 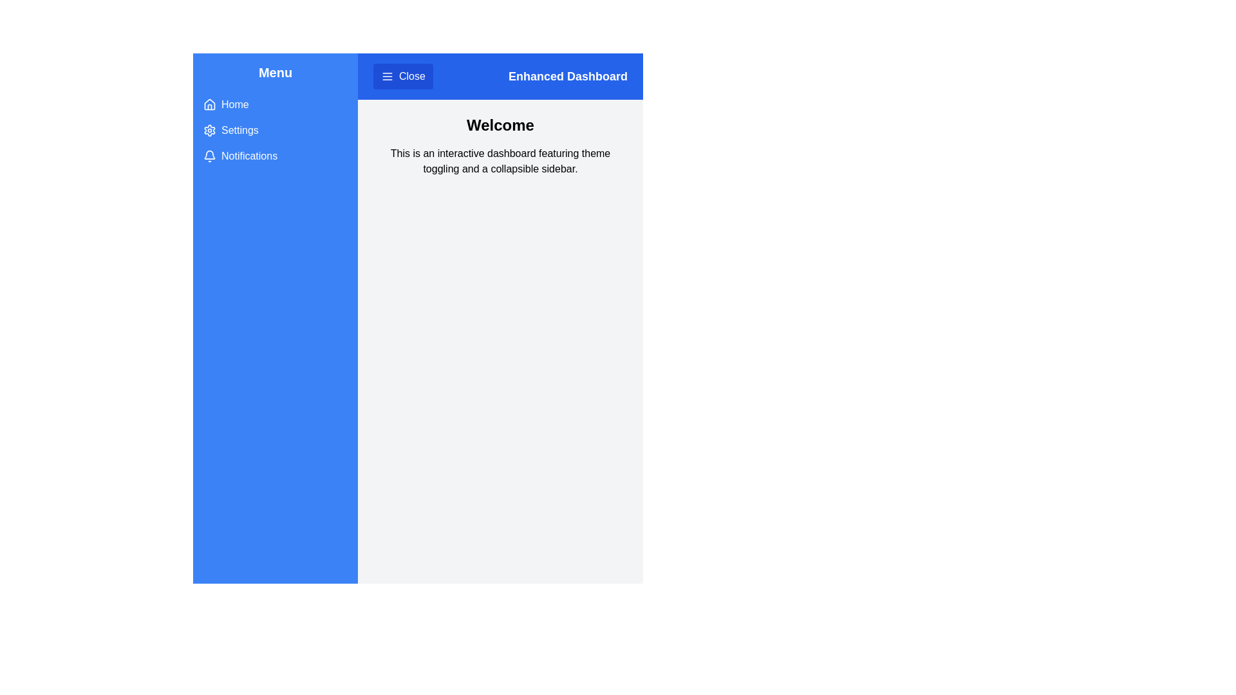 What do you see at coordinates (274, 131) in the screenshot?
I see `the 'Settings' button in the blue sidebar` at bounding box center [274, 131].